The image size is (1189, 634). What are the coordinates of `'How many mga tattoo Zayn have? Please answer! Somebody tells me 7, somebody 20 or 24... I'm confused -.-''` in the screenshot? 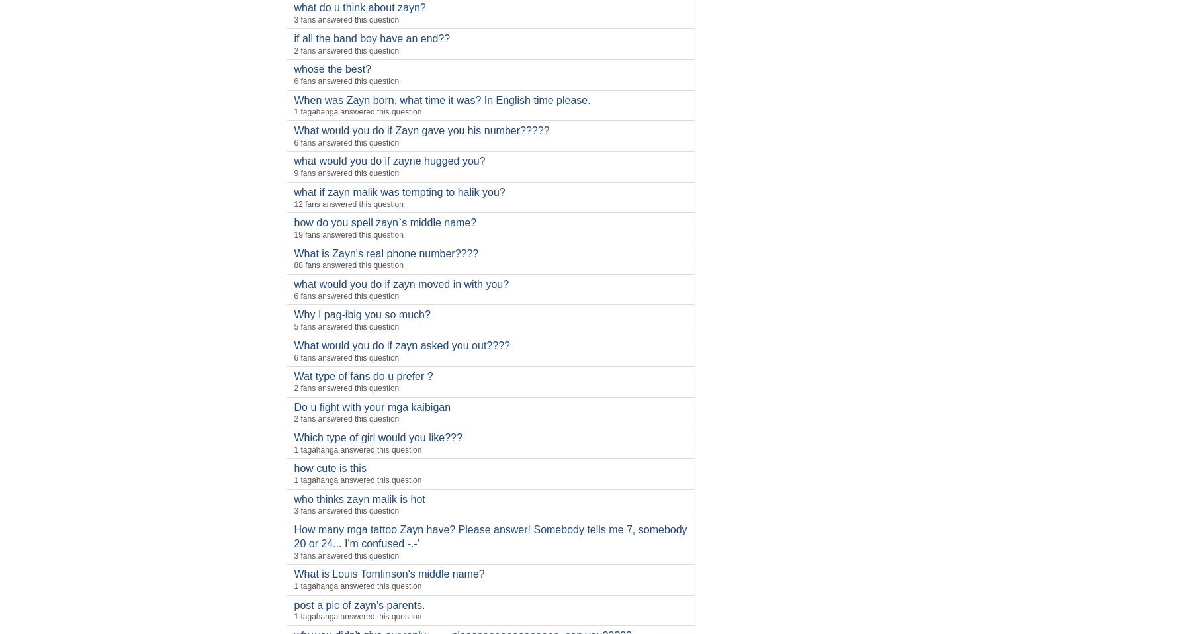 It's located at (490, 535).